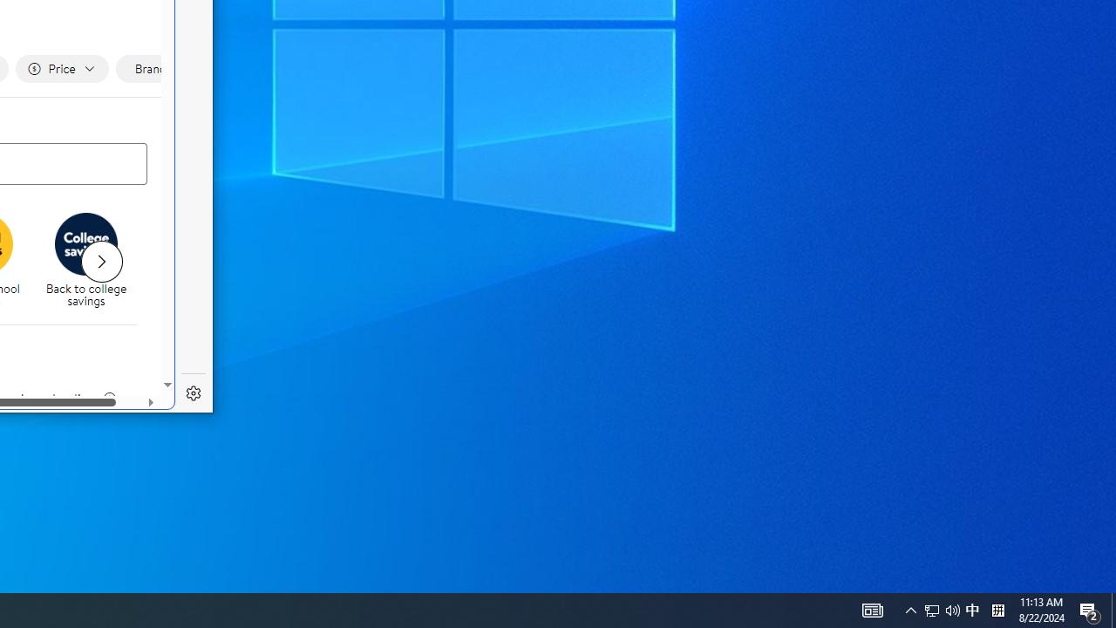  I want to click on 'Action Center, 2 new notifications', so click(1090, 609).